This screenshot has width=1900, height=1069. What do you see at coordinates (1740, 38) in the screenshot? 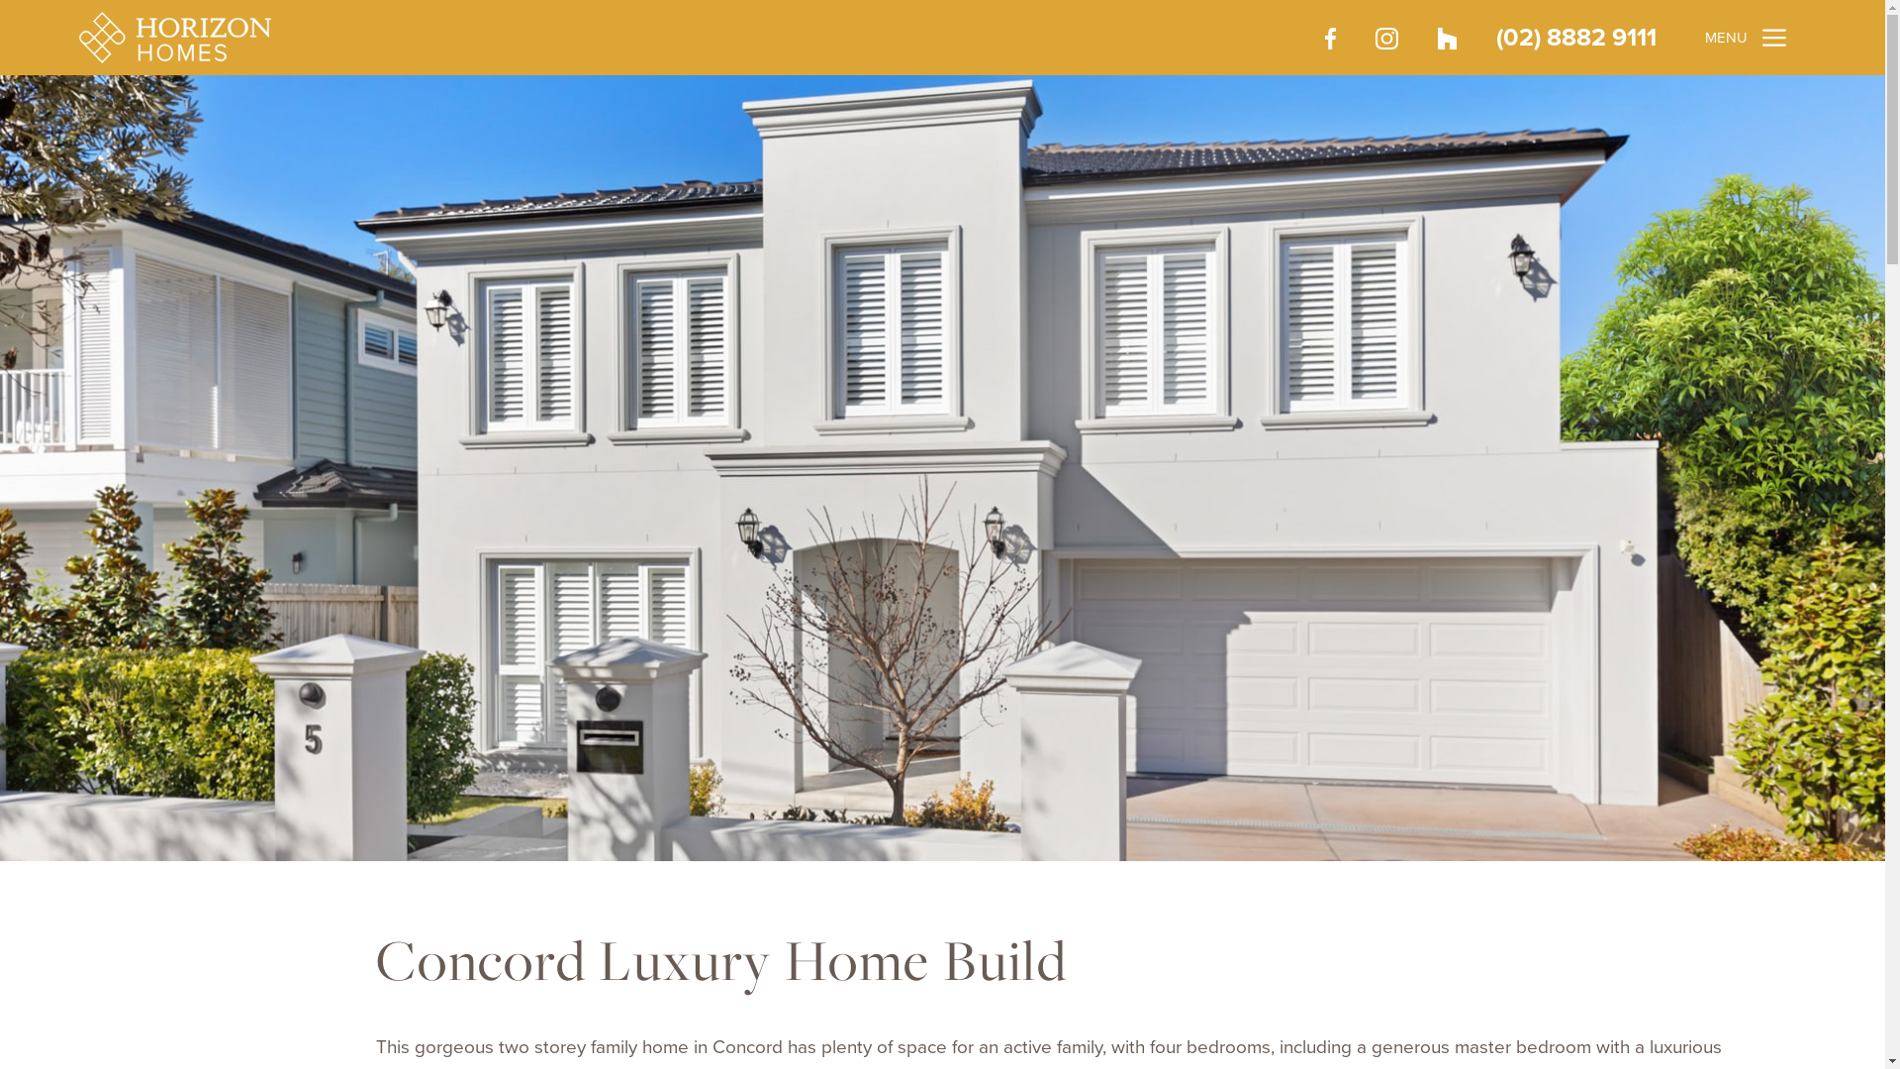
I see `'MENU'` at bounding box center [1740, 38].